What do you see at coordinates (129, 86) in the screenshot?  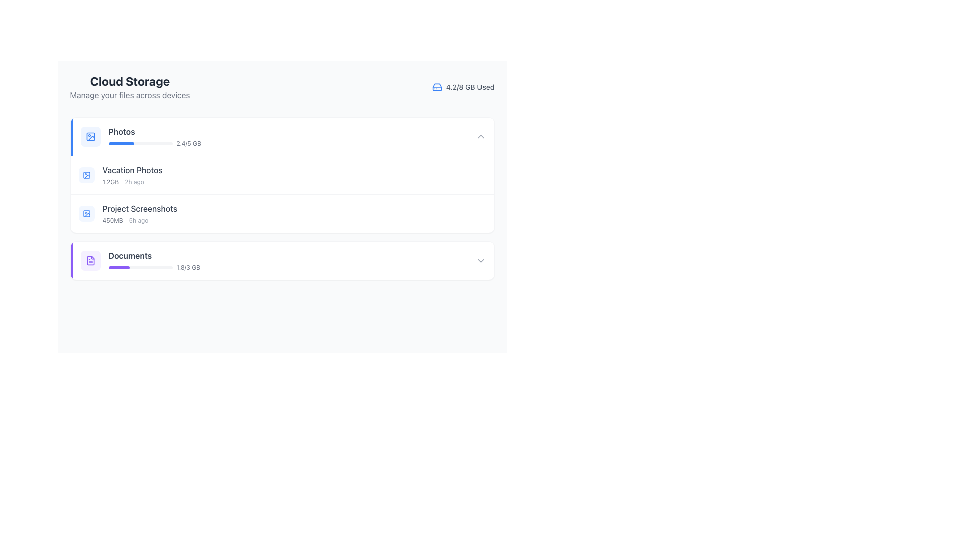 I see `the text block or header that provides an overview about managing files across devices using cloud storage, located in the upper-left section of the interface` at bounding box center [129, 86].